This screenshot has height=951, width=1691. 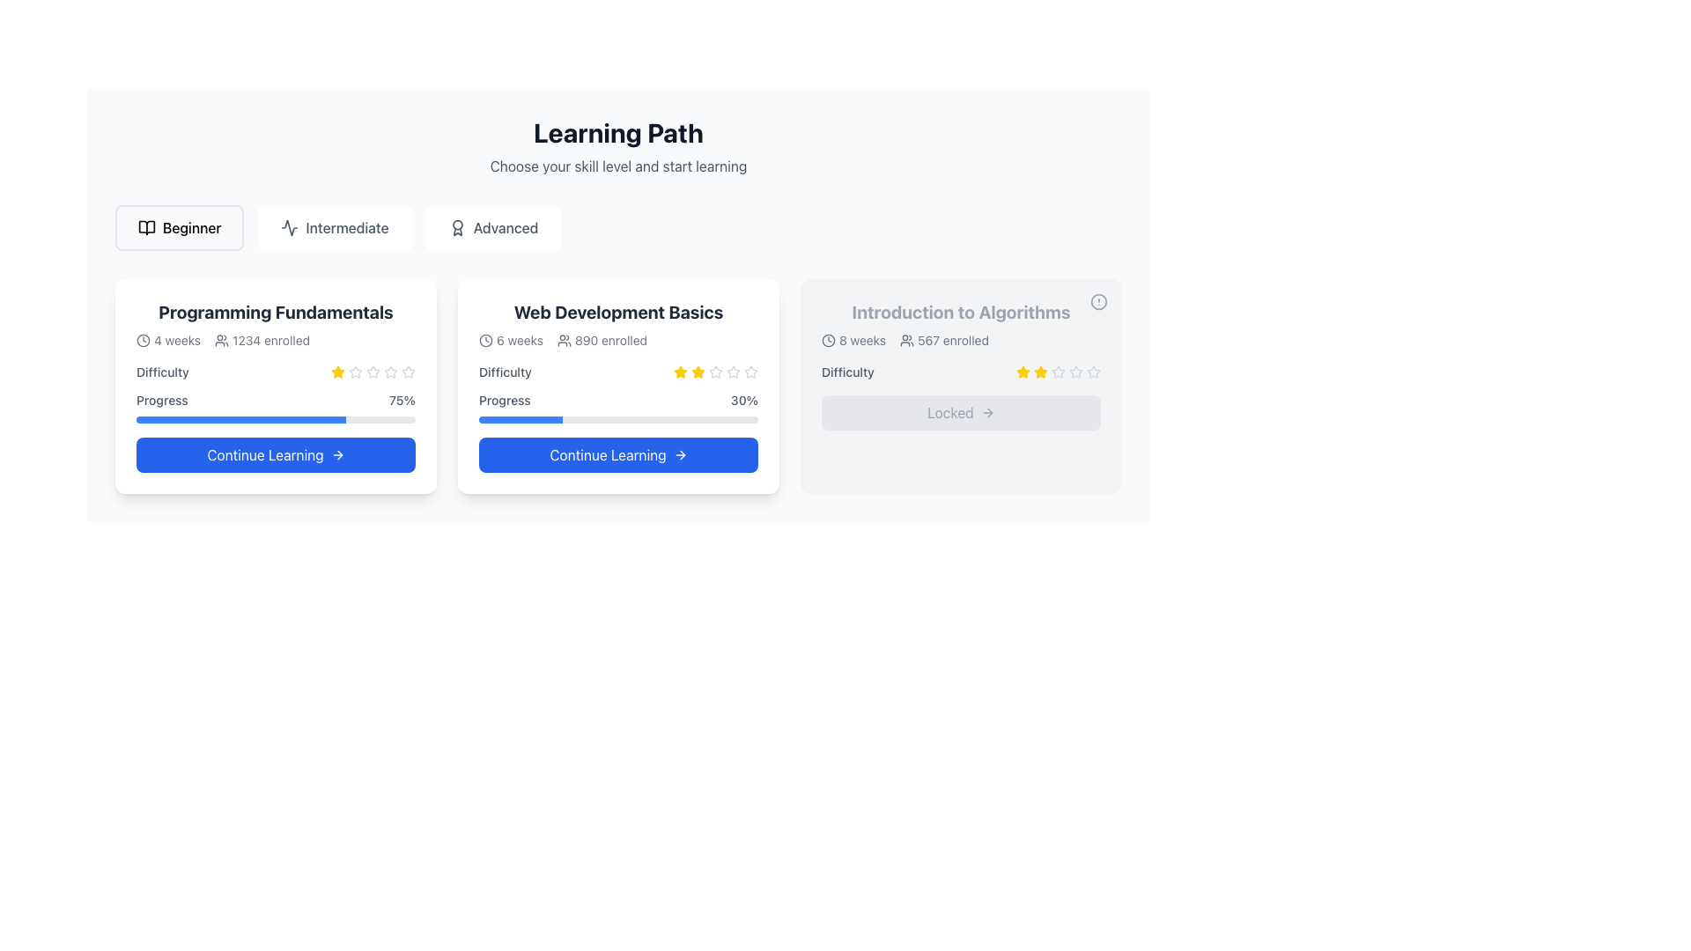 What do you see at coordinates (1057, 372) in the screenshot?
I see `the fifth star icon in the rating system for the 'Introduction to Algorithms' course card` at bounding box center [1057, 372].